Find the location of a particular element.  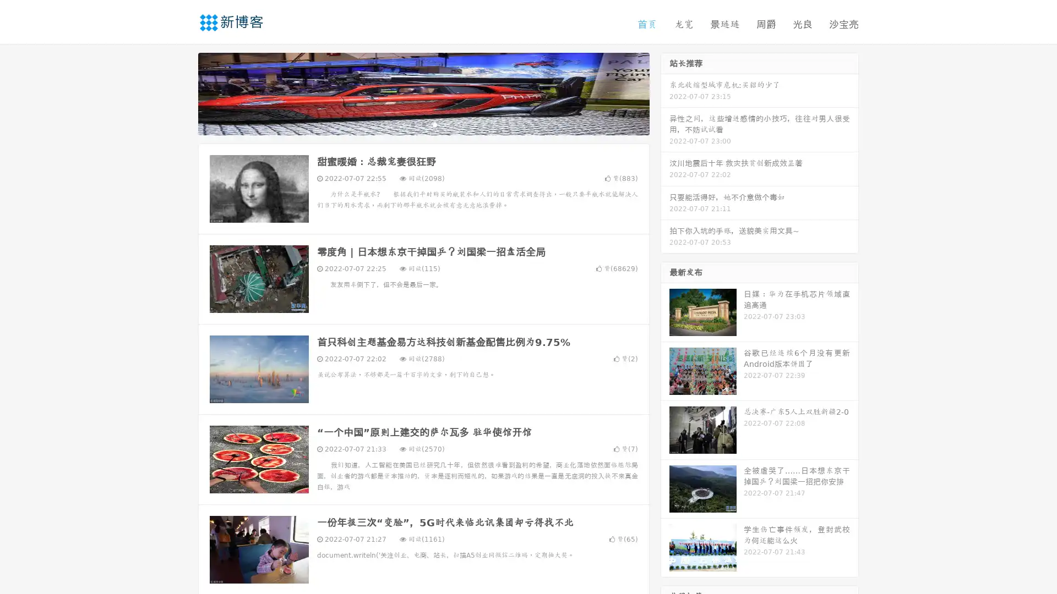

Go to slide 3 is located at coordinates (434, 124).